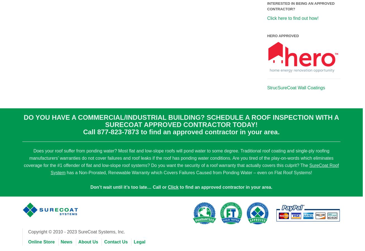 Image resolution: width=365 pixels, height=251 pixels. Describe the element at coordinates (116, 242) in the screenshot. I see `'Contact Us'` at that location.